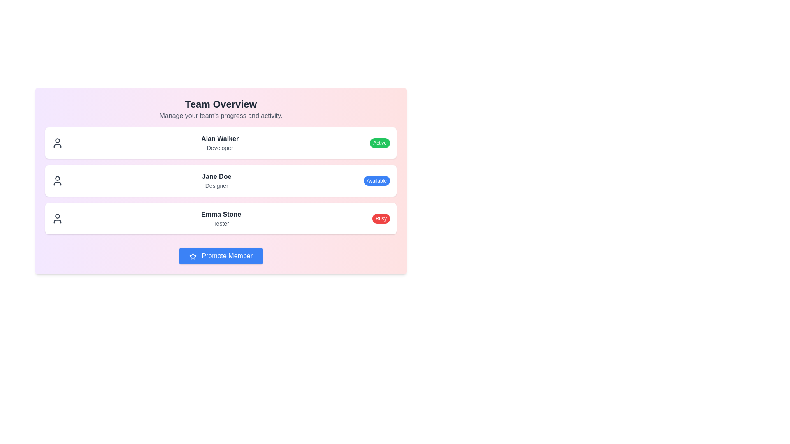 This screenshot has height=444, width=790. I want to click on the text label that describes a team member, which is the third entry in a vertically stacked list of user cards, positioned centrally with an icon on the left and a 'Busy' tag on the right, so click(221, 218).